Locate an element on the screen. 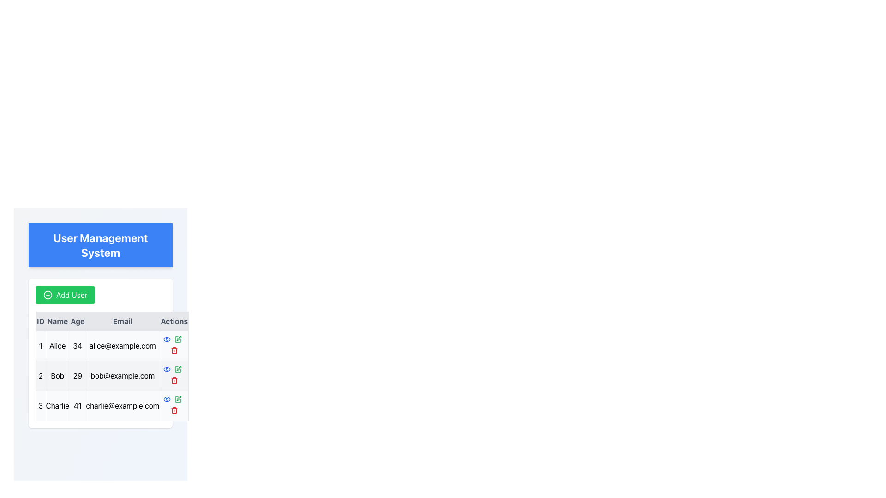  the static text representing the unique identifier for a user record, located in the second row of the 'ID' column in a user management system table is located at coordinates (40, 375).